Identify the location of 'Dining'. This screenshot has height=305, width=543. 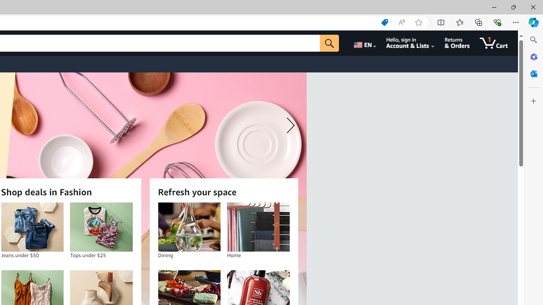
(189, 227).